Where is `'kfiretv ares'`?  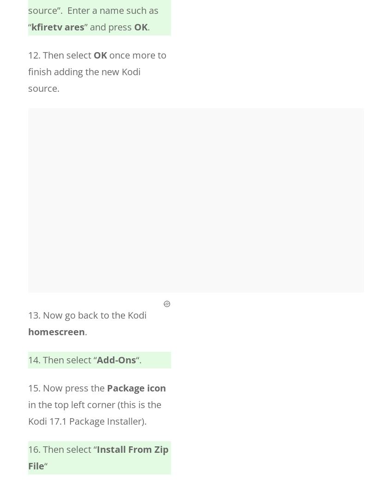
'kfiretv ares' is located at coordinates (58, 26).